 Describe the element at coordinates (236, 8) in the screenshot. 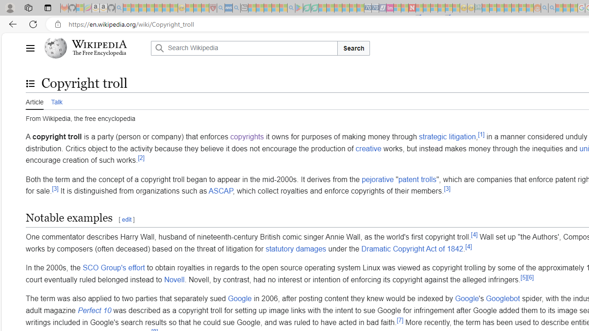

I see `'utah sues federal government - Search - Sleeping'` at that location.